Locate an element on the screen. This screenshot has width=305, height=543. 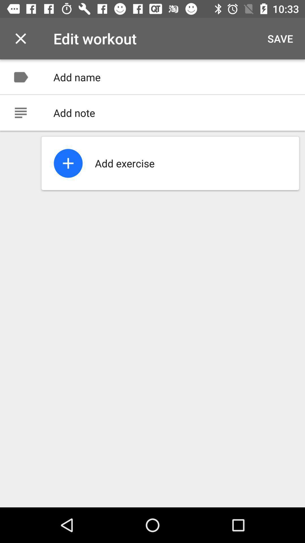
the save is located at coordinates (280, 38).